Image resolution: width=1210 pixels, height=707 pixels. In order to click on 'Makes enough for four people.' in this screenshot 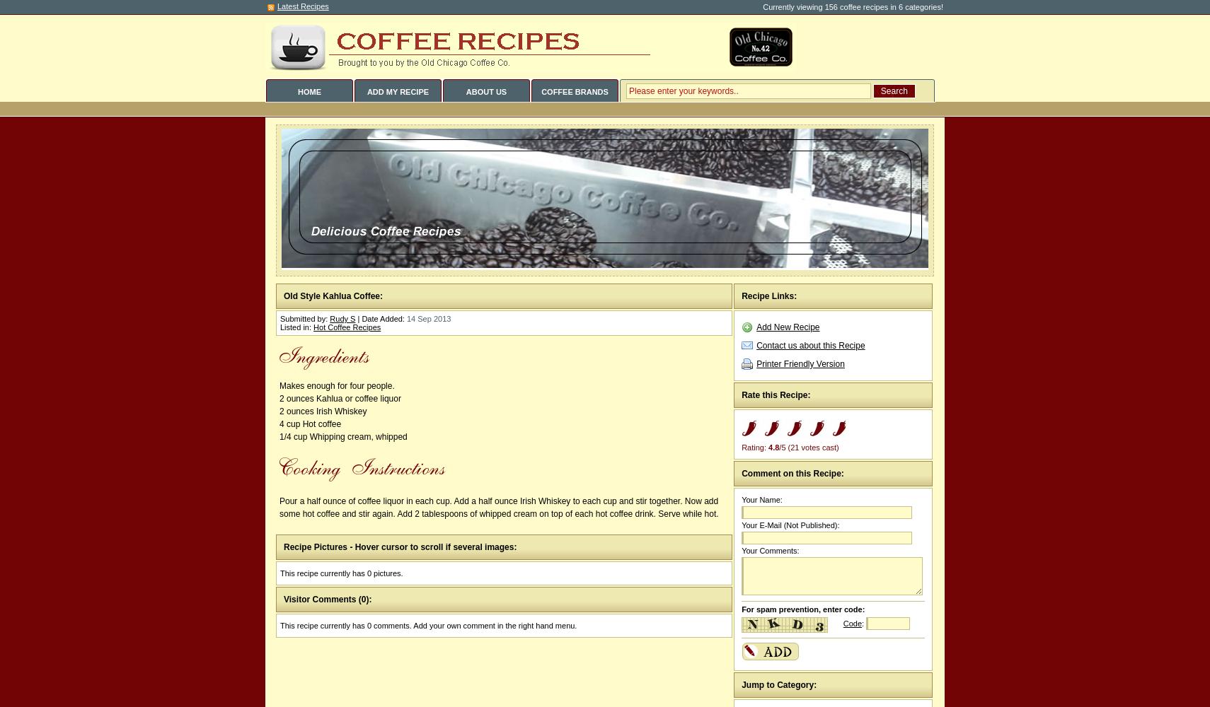, I will do `click(337, 386)`.